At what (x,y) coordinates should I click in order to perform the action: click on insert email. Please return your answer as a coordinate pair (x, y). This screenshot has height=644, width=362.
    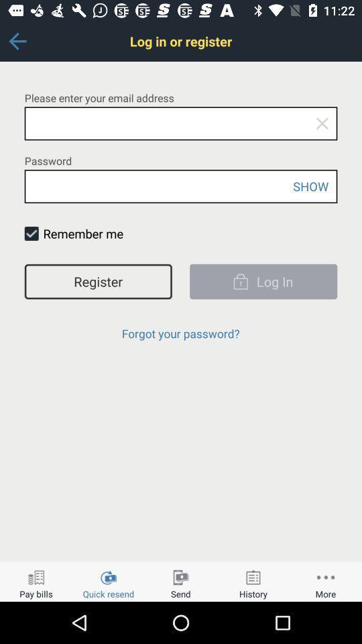
    Looking at the image, I should click on (181, 123).